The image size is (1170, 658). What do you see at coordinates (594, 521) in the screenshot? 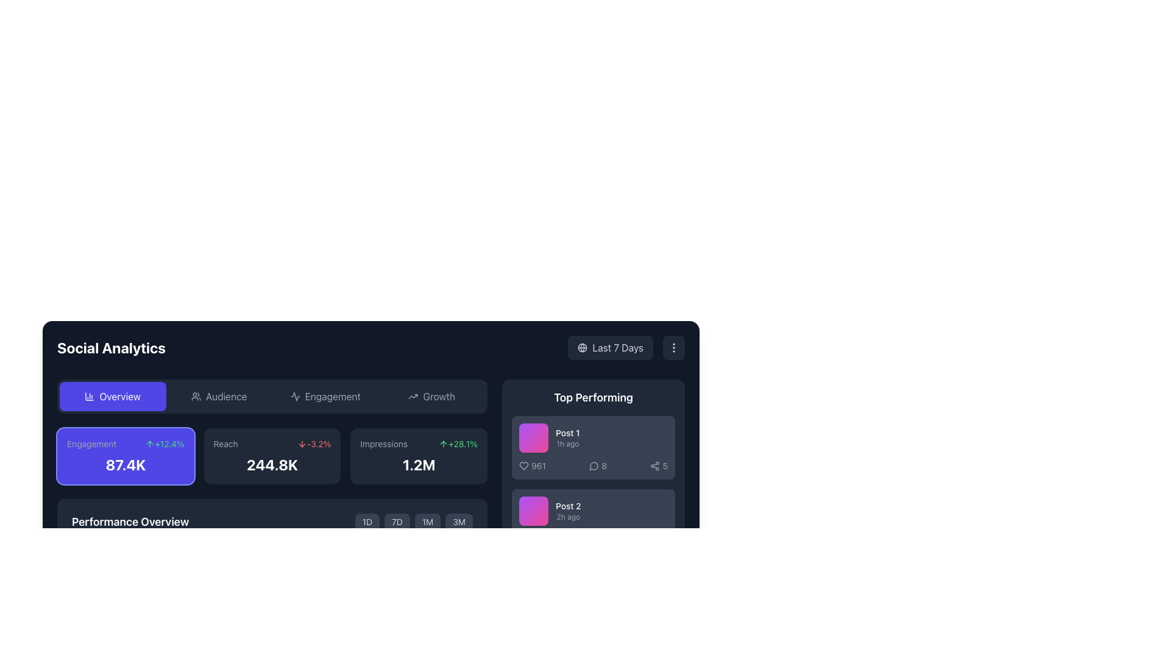
I see `the second post card in the 'Top Performing' section` at bounding box center [594, 521].